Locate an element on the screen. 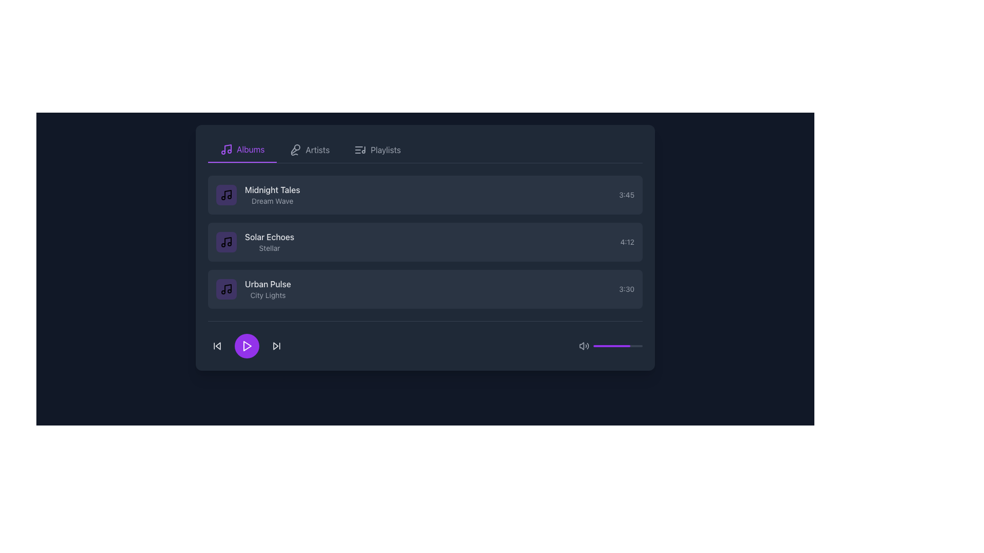 The width and height of the screenshot is (984, 553). the list item in the media player interface that displays details about a media item, specifically the second item among three in the grouped list is located at coordinates (425, 242).